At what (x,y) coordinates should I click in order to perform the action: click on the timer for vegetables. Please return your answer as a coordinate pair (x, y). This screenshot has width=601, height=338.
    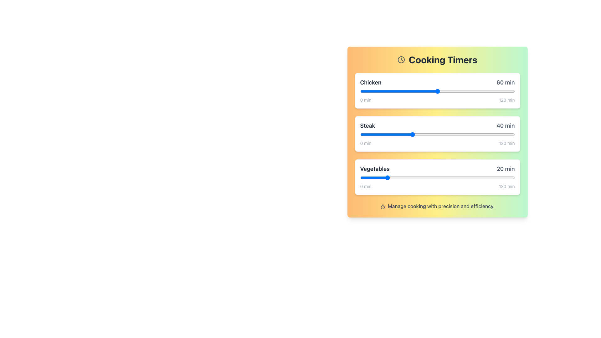
    Looking at the image, I should click on (487, 177).